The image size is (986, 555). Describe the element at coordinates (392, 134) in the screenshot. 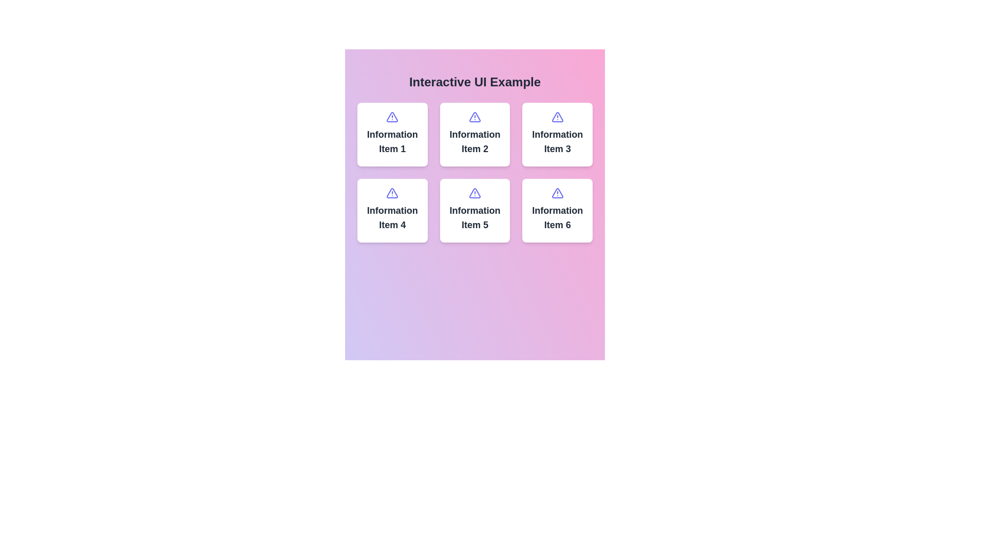

I see `the Information Card that displays content related to 'Information Item 1', located in the top-left corner of the 2x3 grid layout` at that location.